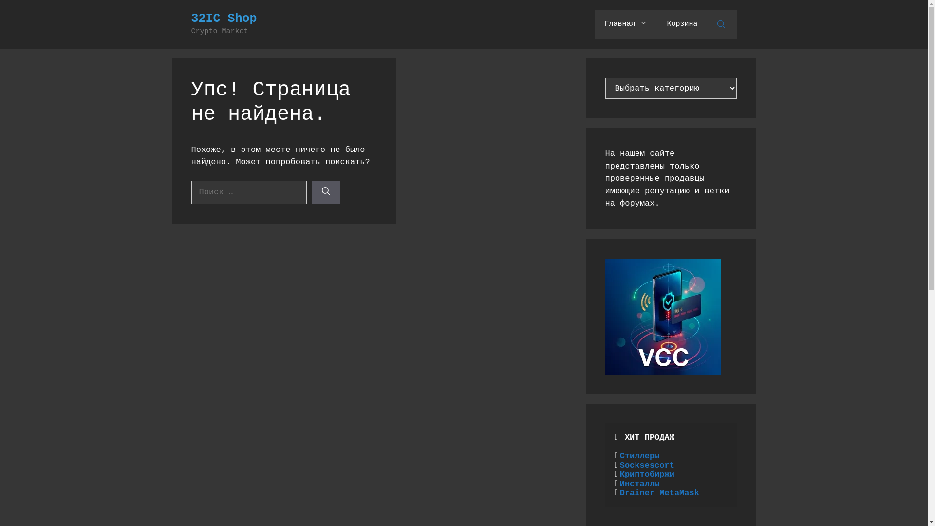 The image size is (935, 526). Describe the element at coordinates (223, 19) in the screenshot. I see `'32IC Shop'` at that location.